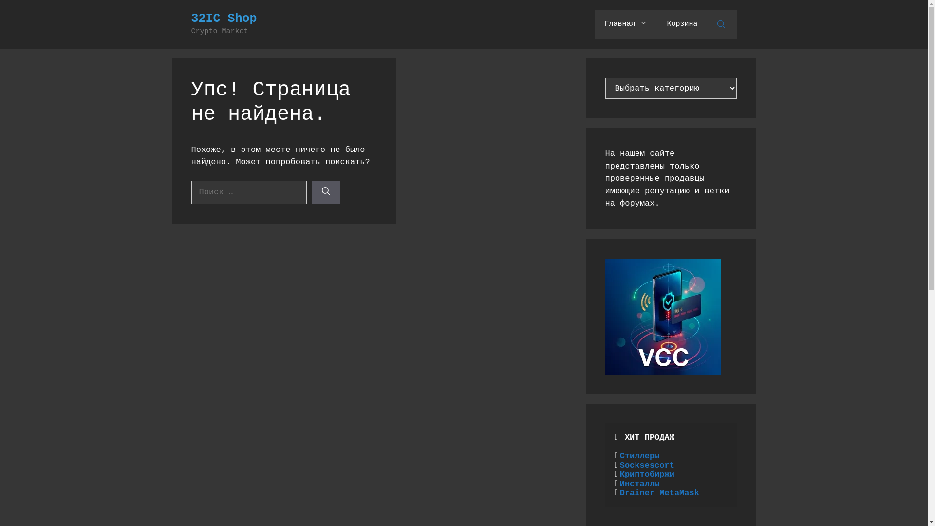 The image size is (935, 526). Describe the element at coordinates (223, 19) in the screenshot. I see `'32IC Shop'` at that location.